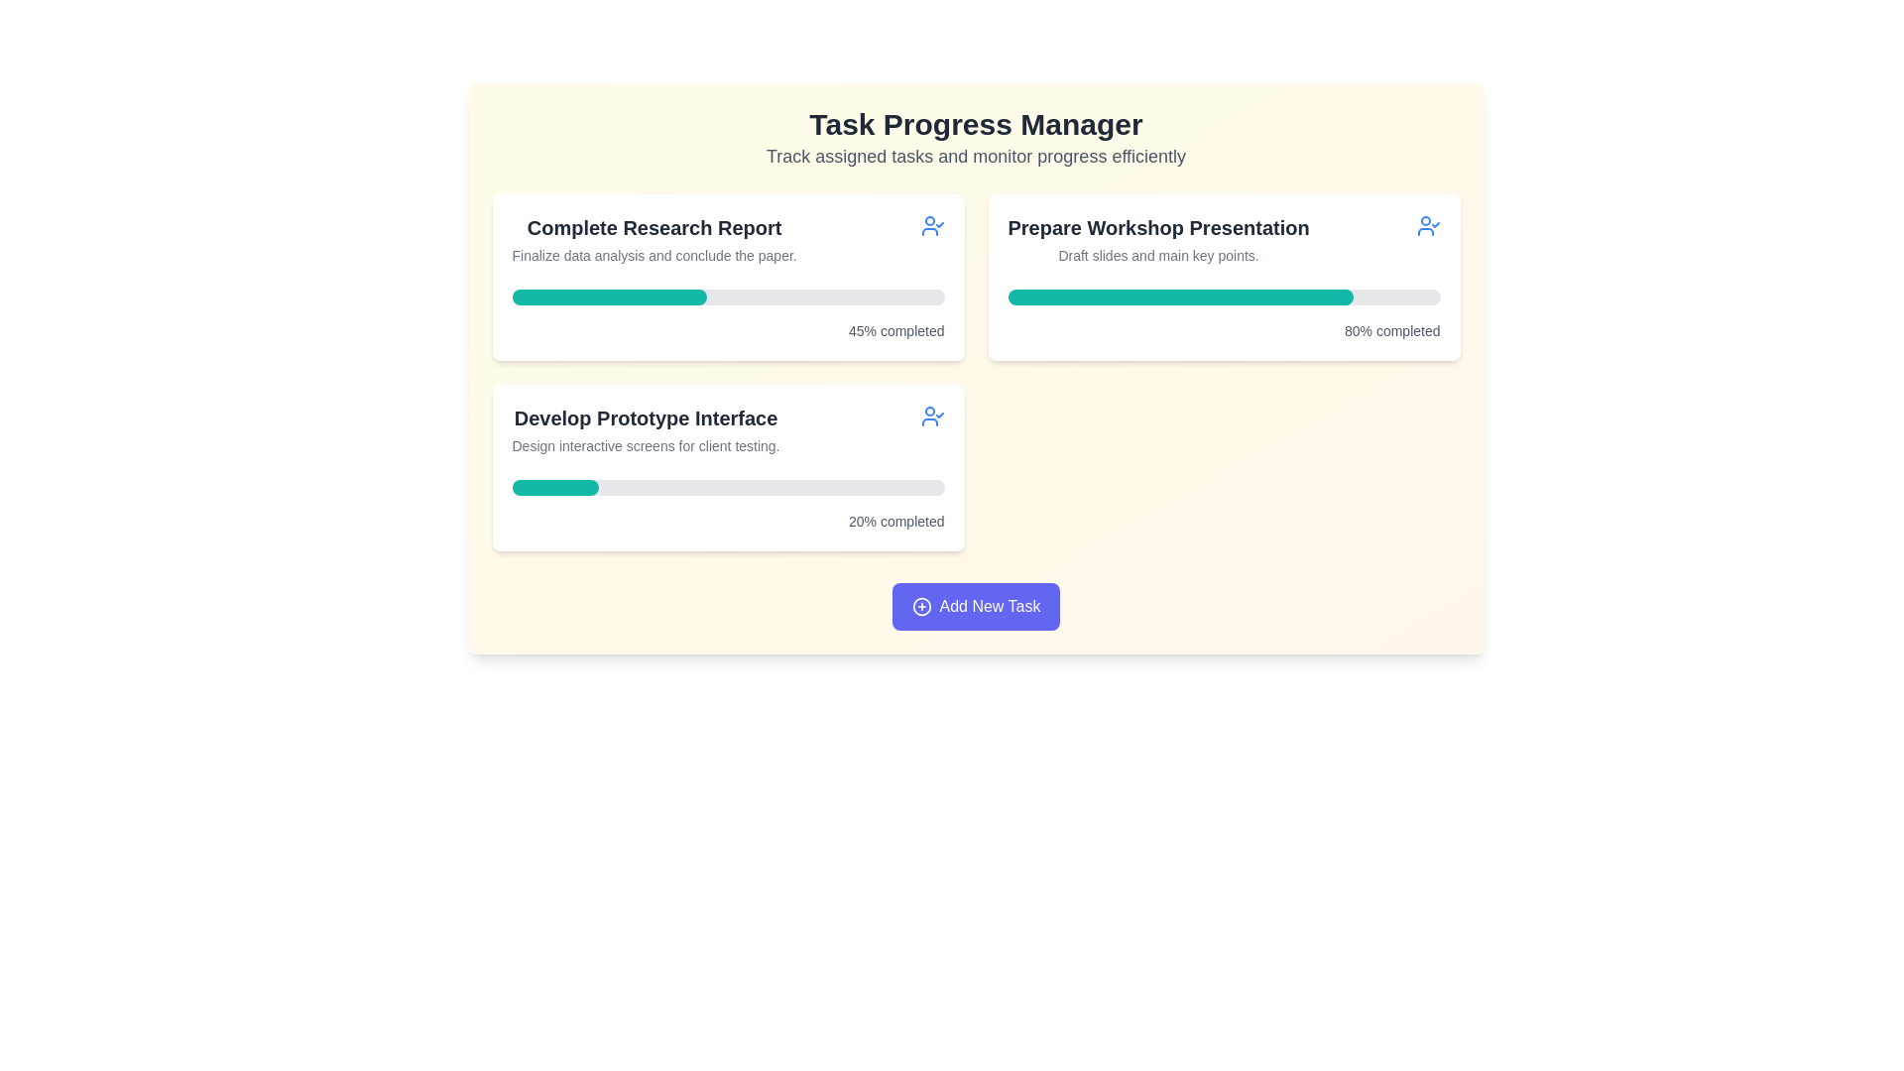  What do you see at coordinates (931, 224) in the screenshot?
I see `the icon located at the top-right corner of the 'Complete Research Report' card, which serves as an indicator for task assignment or completion` at bounding box center [931, 224].